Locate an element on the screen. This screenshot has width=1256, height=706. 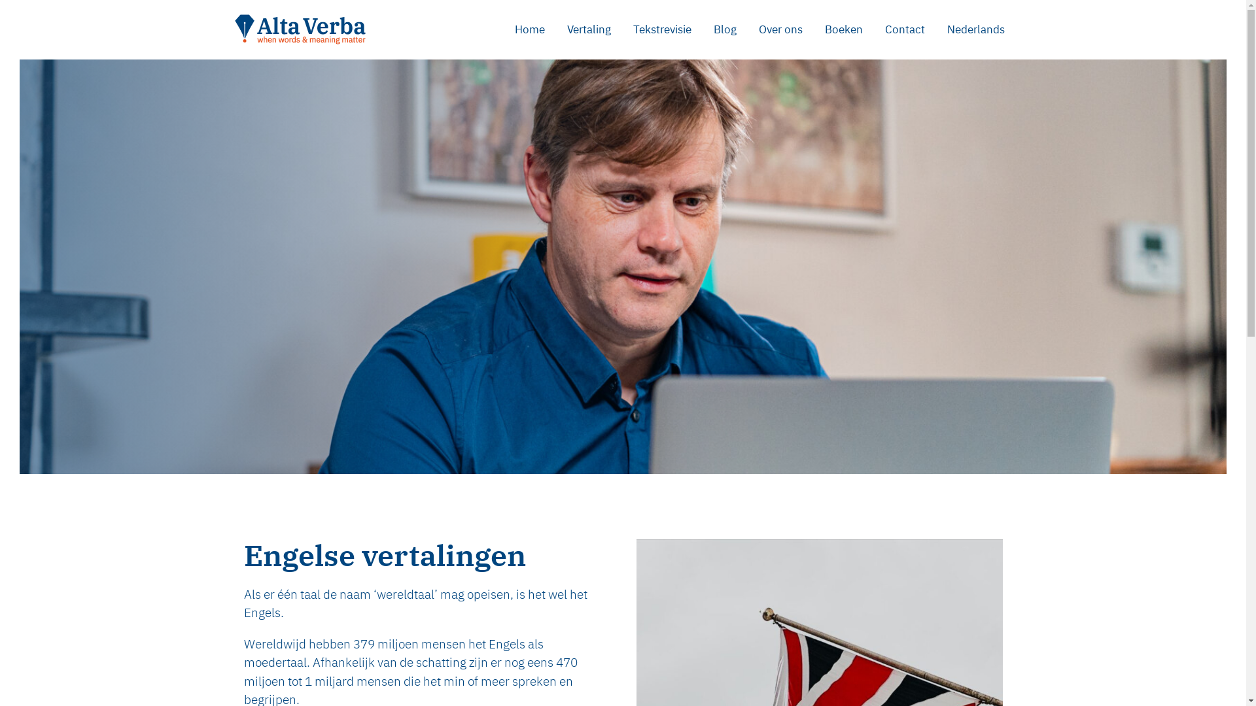
'Contact' is located at coordinates (904, 29).